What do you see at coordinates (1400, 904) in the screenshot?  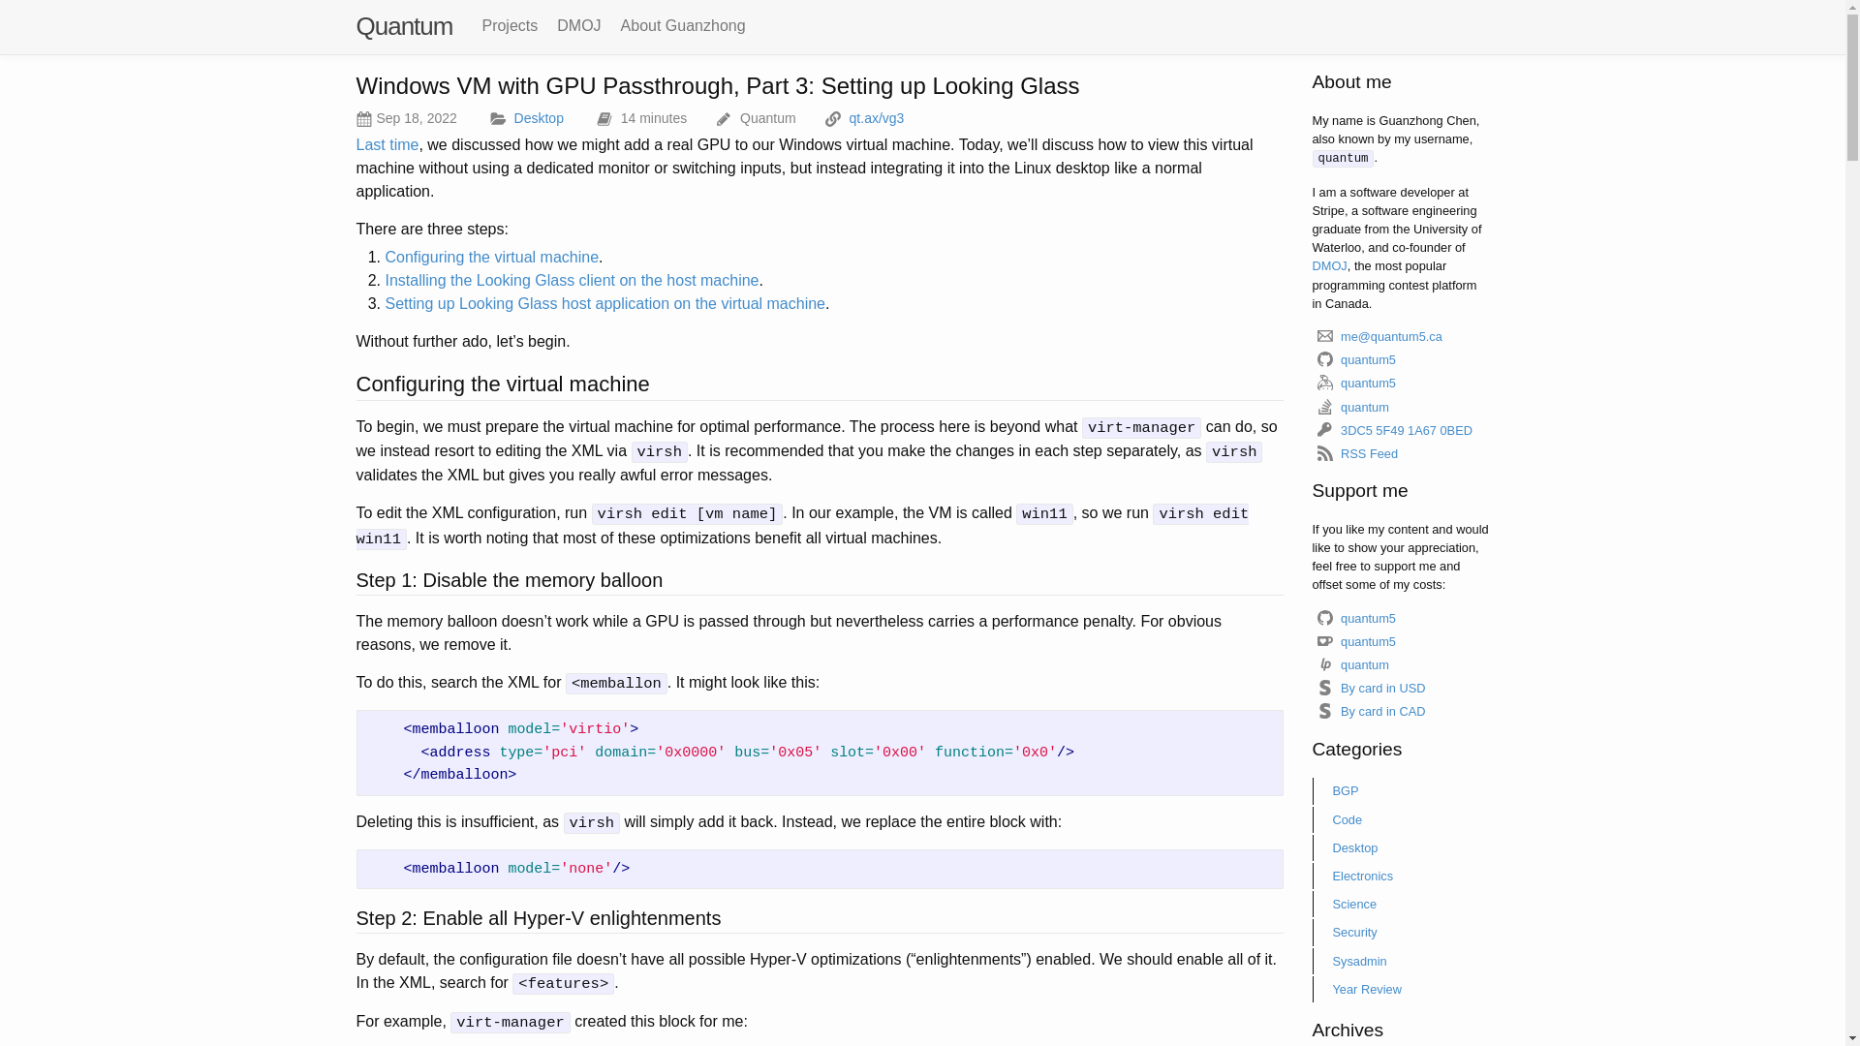 I see `'Science'` at bounding box center [1400, 904].